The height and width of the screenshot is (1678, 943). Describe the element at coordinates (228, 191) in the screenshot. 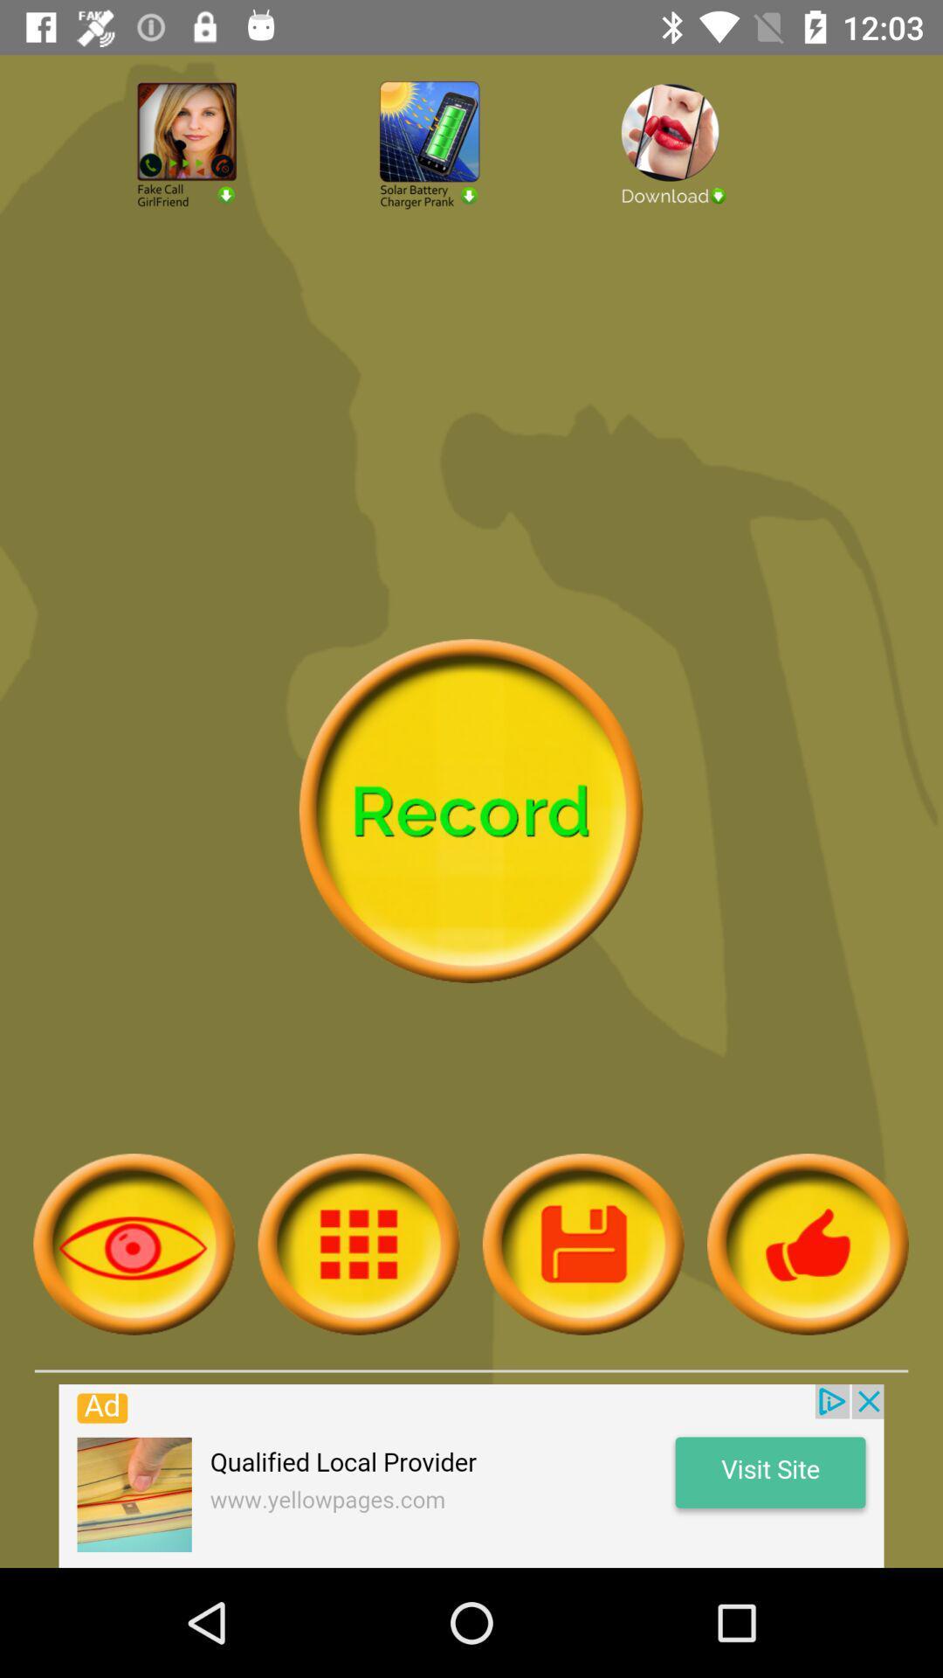

I see `call button` at that location.